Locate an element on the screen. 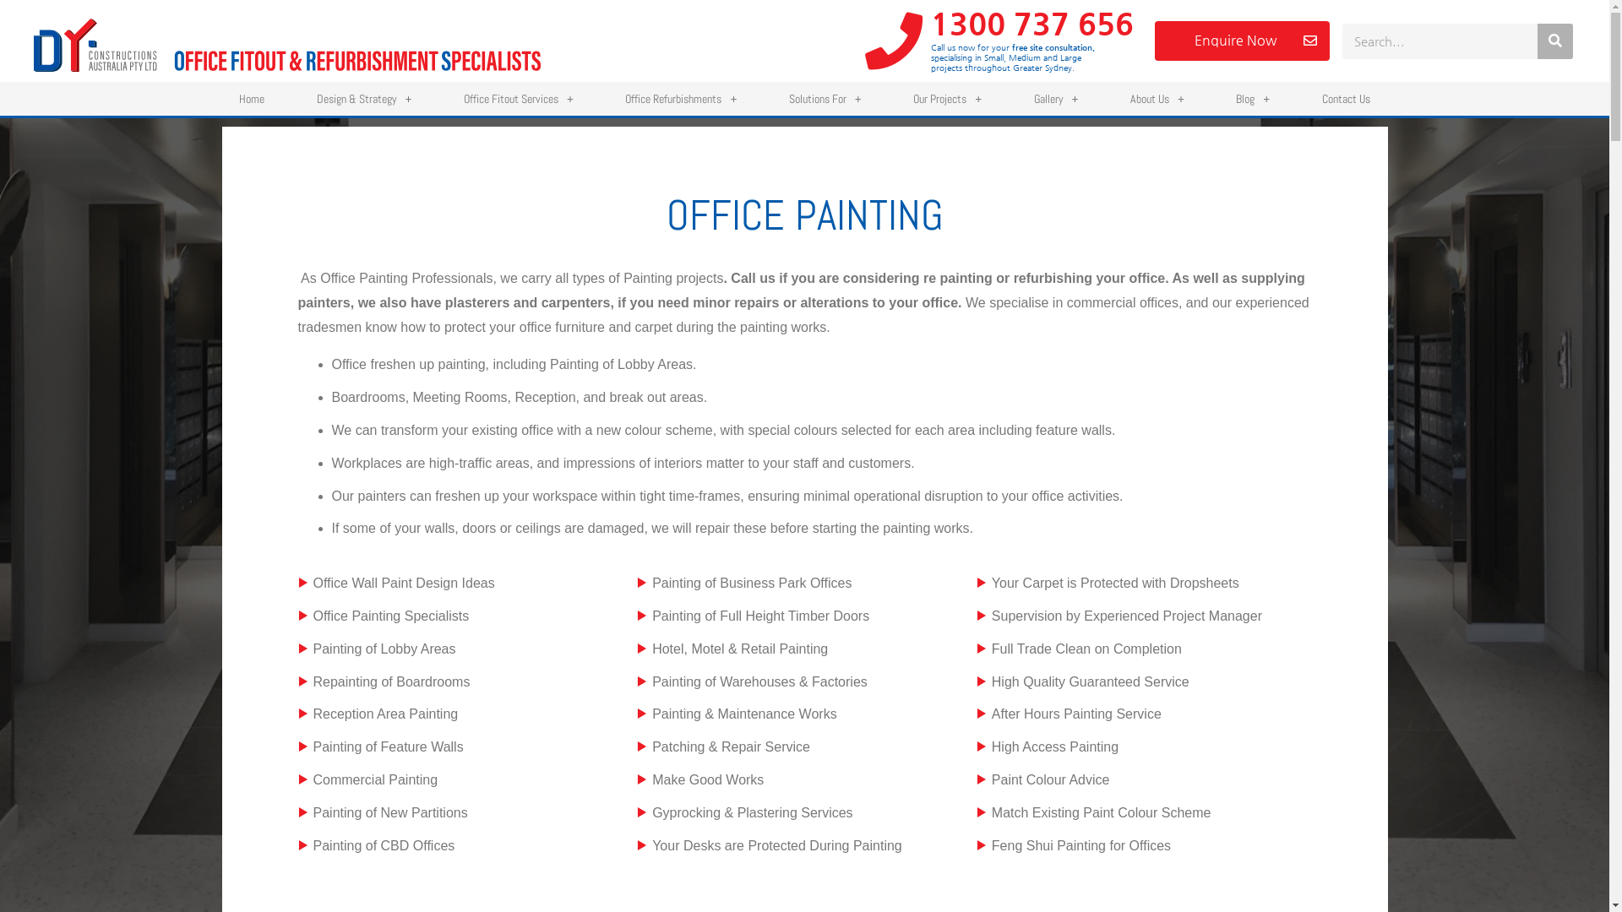 The width and height of the screenshot is (1622, 912). 'Office Fitout Services' is located at coordinates (517, 98).